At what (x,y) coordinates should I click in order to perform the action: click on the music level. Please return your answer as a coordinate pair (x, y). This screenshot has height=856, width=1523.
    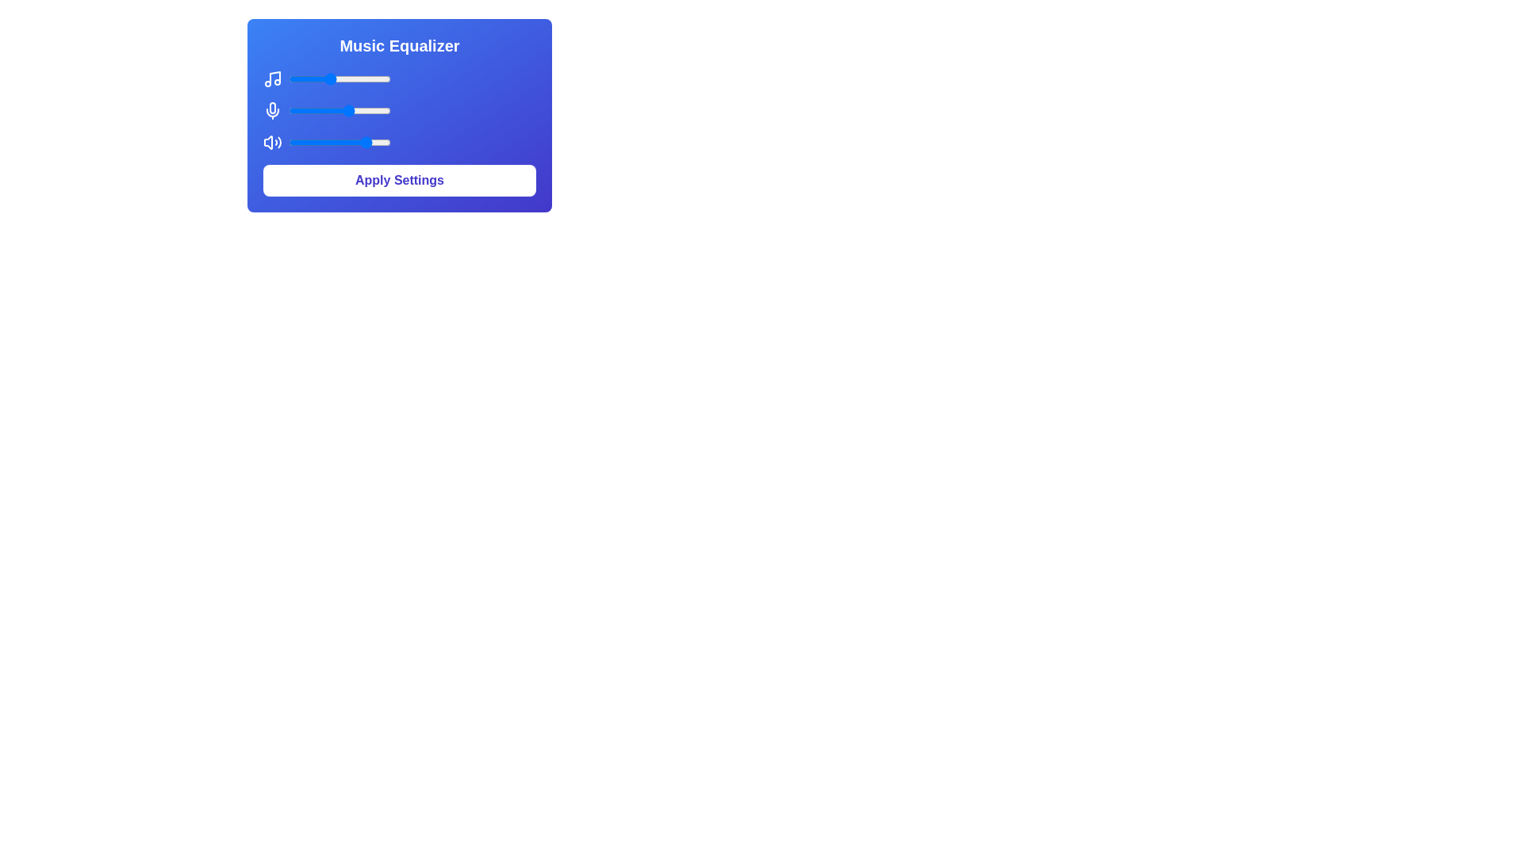
    Looking at the image, I should click on (371, 79).